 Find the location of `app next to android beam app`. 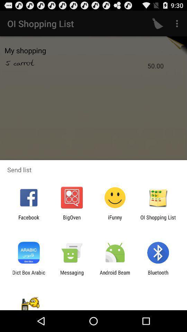

app next to android beam app is located at coordinates (158, 275).